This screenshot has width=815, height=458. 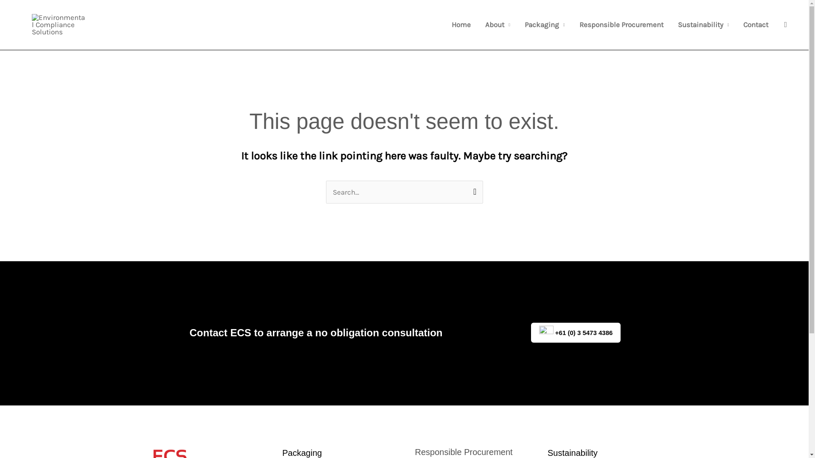 What do you see at coordinates (703, 24) in the screenshot?
I see `'Sustainability'` at bounding box center [703, 24].